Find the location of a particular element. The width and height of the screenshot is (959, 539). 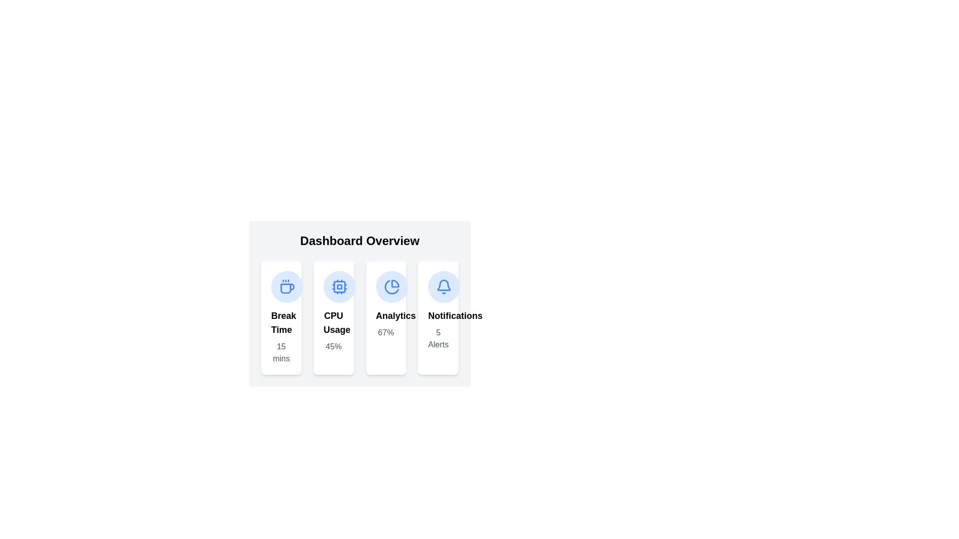

the text label displaying '67%' percentage value, which is located at the bottom of the 'Analytics' card within the dashboard layout is located at coordinates (385, 333).